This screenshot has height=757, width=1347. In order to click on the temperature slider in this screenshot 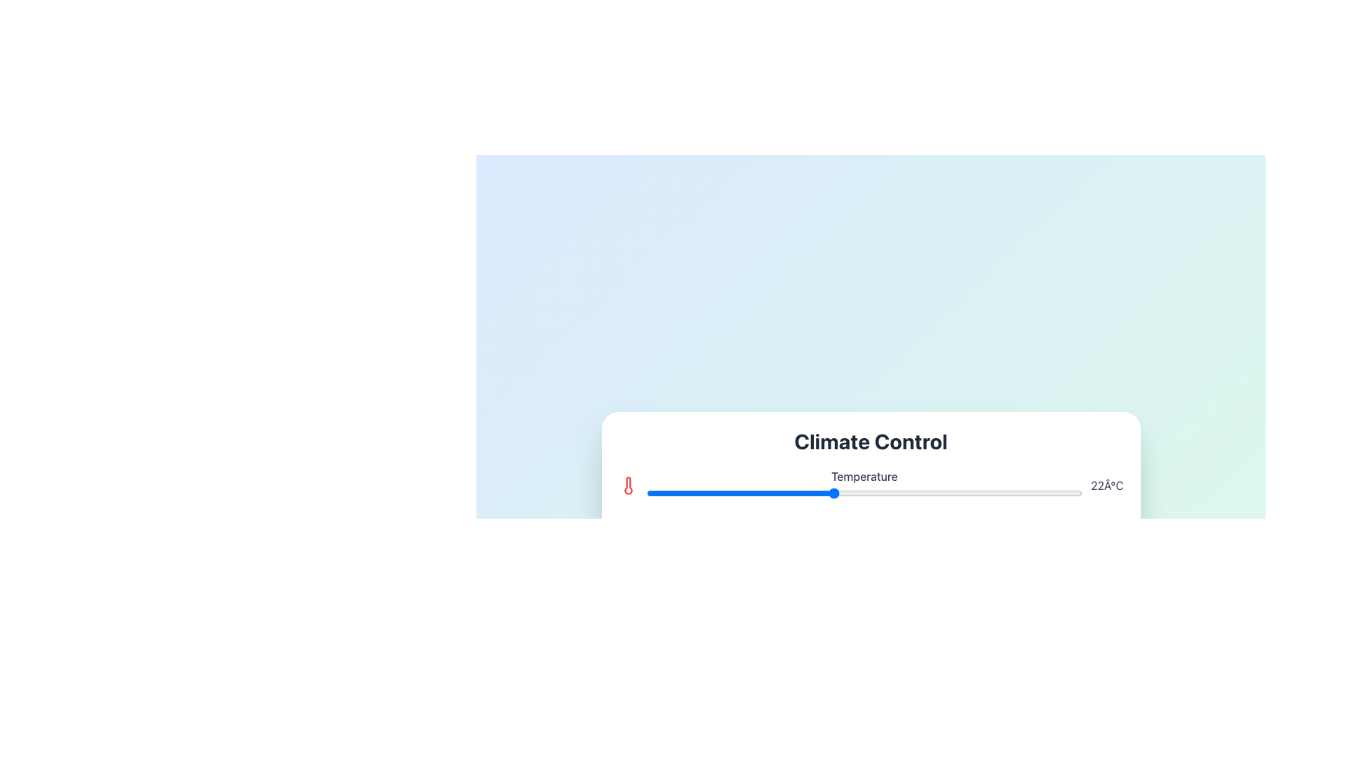, I will do `click(709, 493)`.